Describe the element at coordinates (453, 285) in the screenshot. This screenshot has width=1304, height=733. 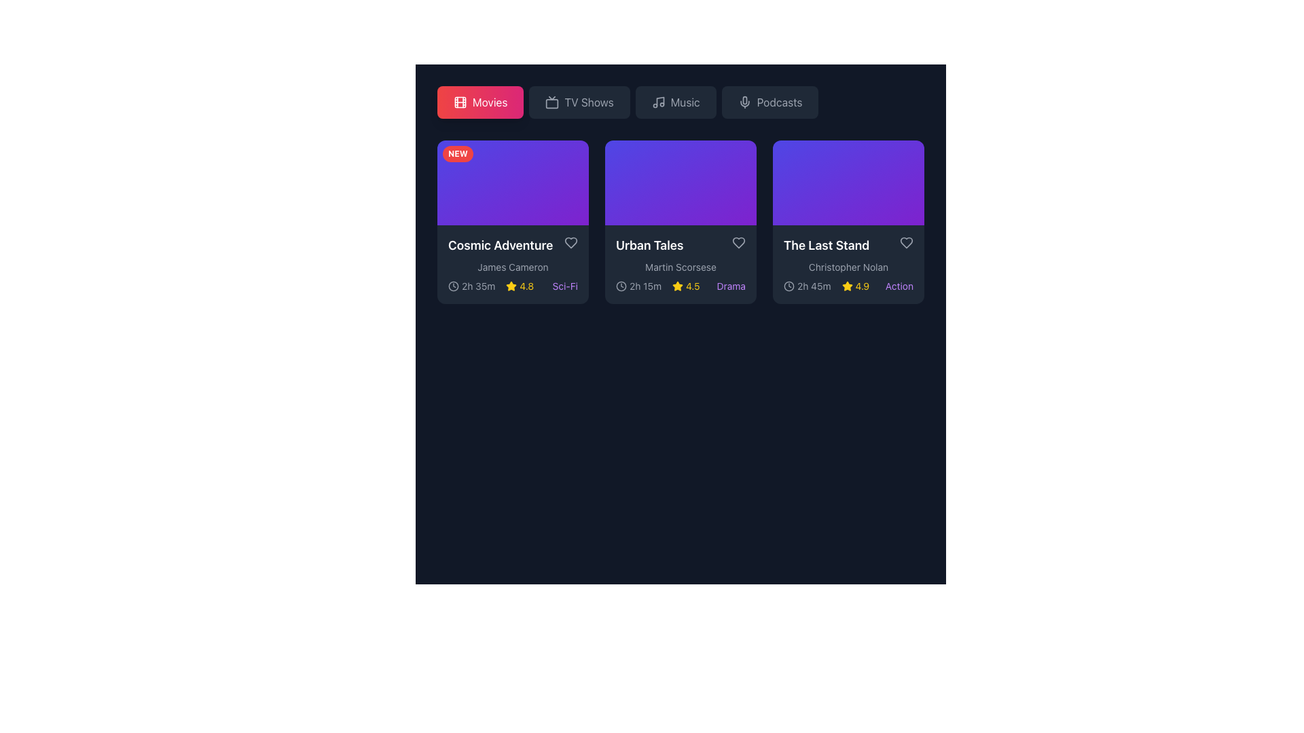
I see `the circular outline of the clock icon located within the card for the movie 'Cosmic Adventure'` at that location.